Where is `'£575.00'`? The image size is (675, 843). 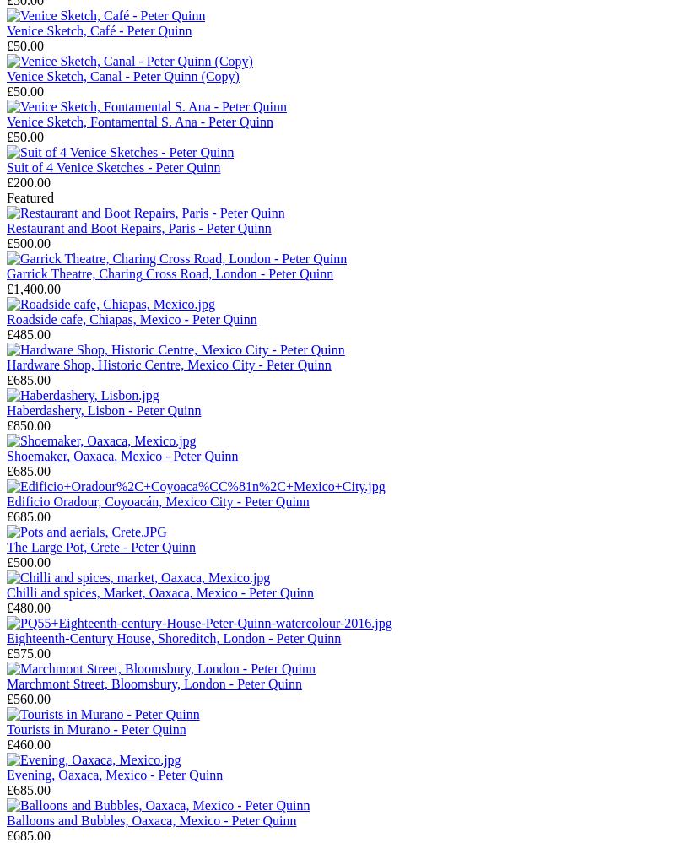
'£575.00' is located at coordinates (7, 652).